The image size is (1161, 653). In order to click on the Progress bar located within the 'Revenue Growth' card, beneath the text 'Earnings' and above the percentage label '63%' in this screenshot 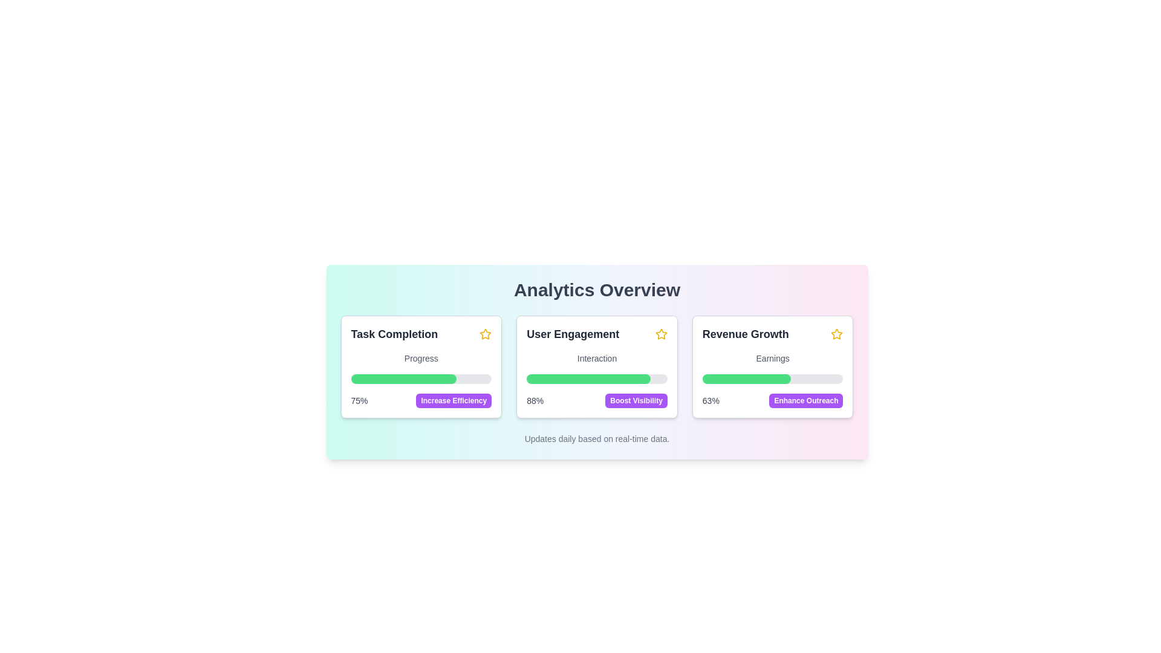, I will do `click(772, 378)`.